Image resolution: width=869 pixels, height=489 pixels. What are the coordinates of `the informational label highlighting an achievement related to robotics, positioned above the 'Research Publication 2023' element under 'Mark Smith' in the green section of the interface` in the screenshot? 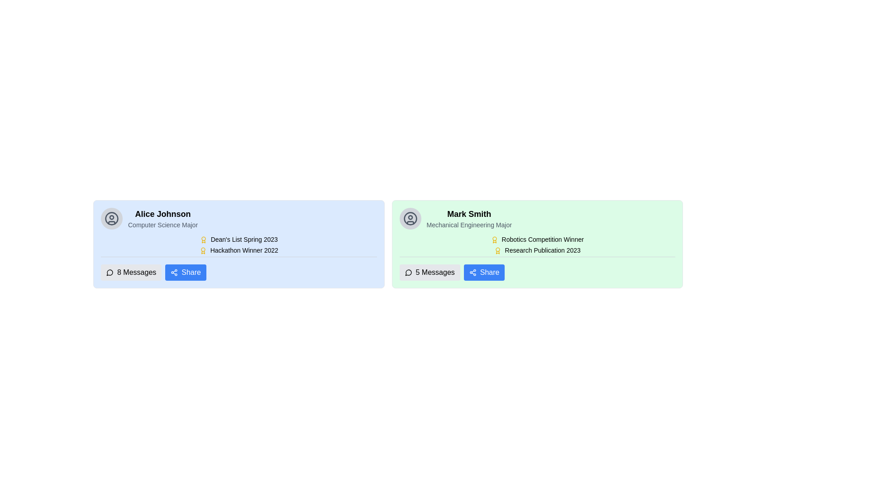 It's located at (537, 239).